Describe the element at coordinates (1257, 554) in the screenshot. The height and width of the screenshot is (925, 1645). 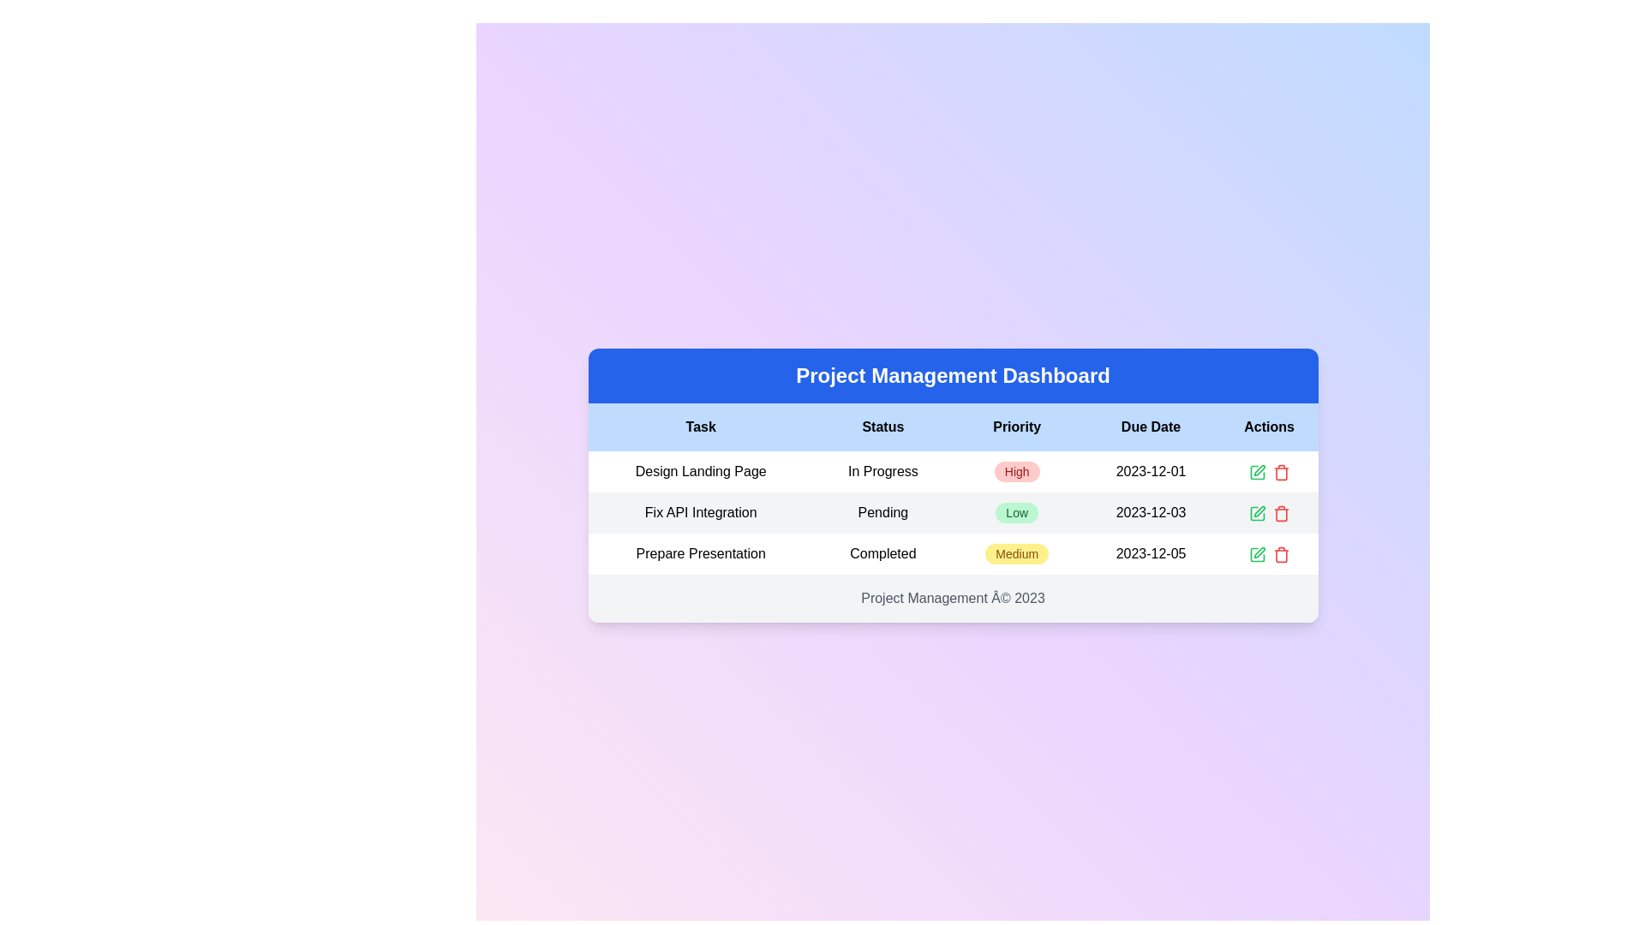
I see `the green pen icon button located in the 'Actions' column of the last row of the table, which signifies an editing action` at that location.